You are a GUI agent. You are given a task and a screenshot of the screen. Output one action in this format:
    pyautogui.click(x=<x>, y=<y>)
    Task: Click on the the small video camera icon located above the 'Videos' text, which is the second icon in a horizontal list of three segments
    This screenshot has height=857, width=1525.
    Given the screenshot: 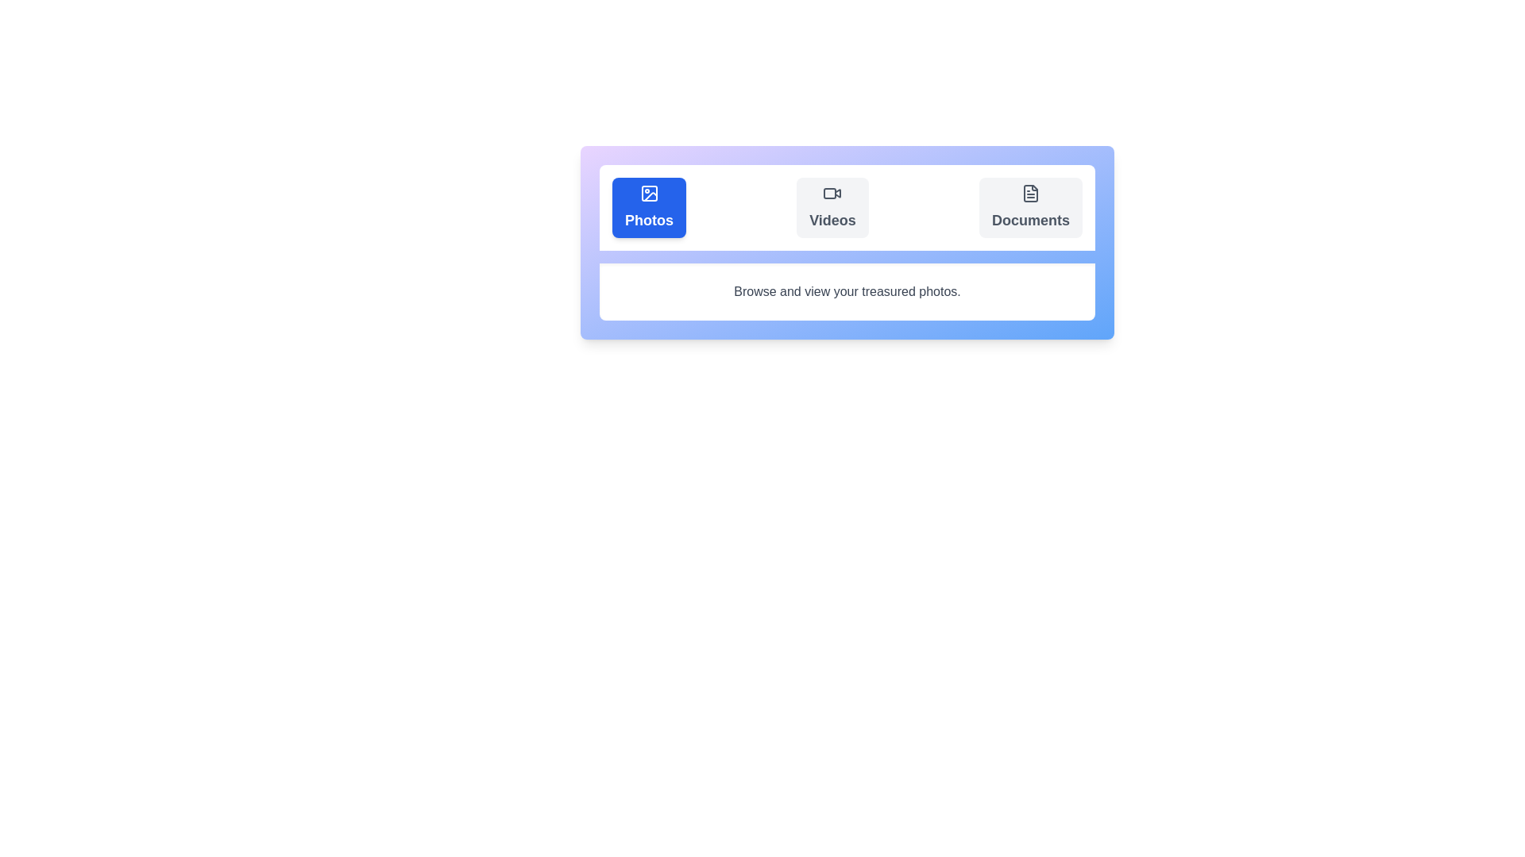 What is the action you would take?
    pyautogui.click(x=832, y=192)
    